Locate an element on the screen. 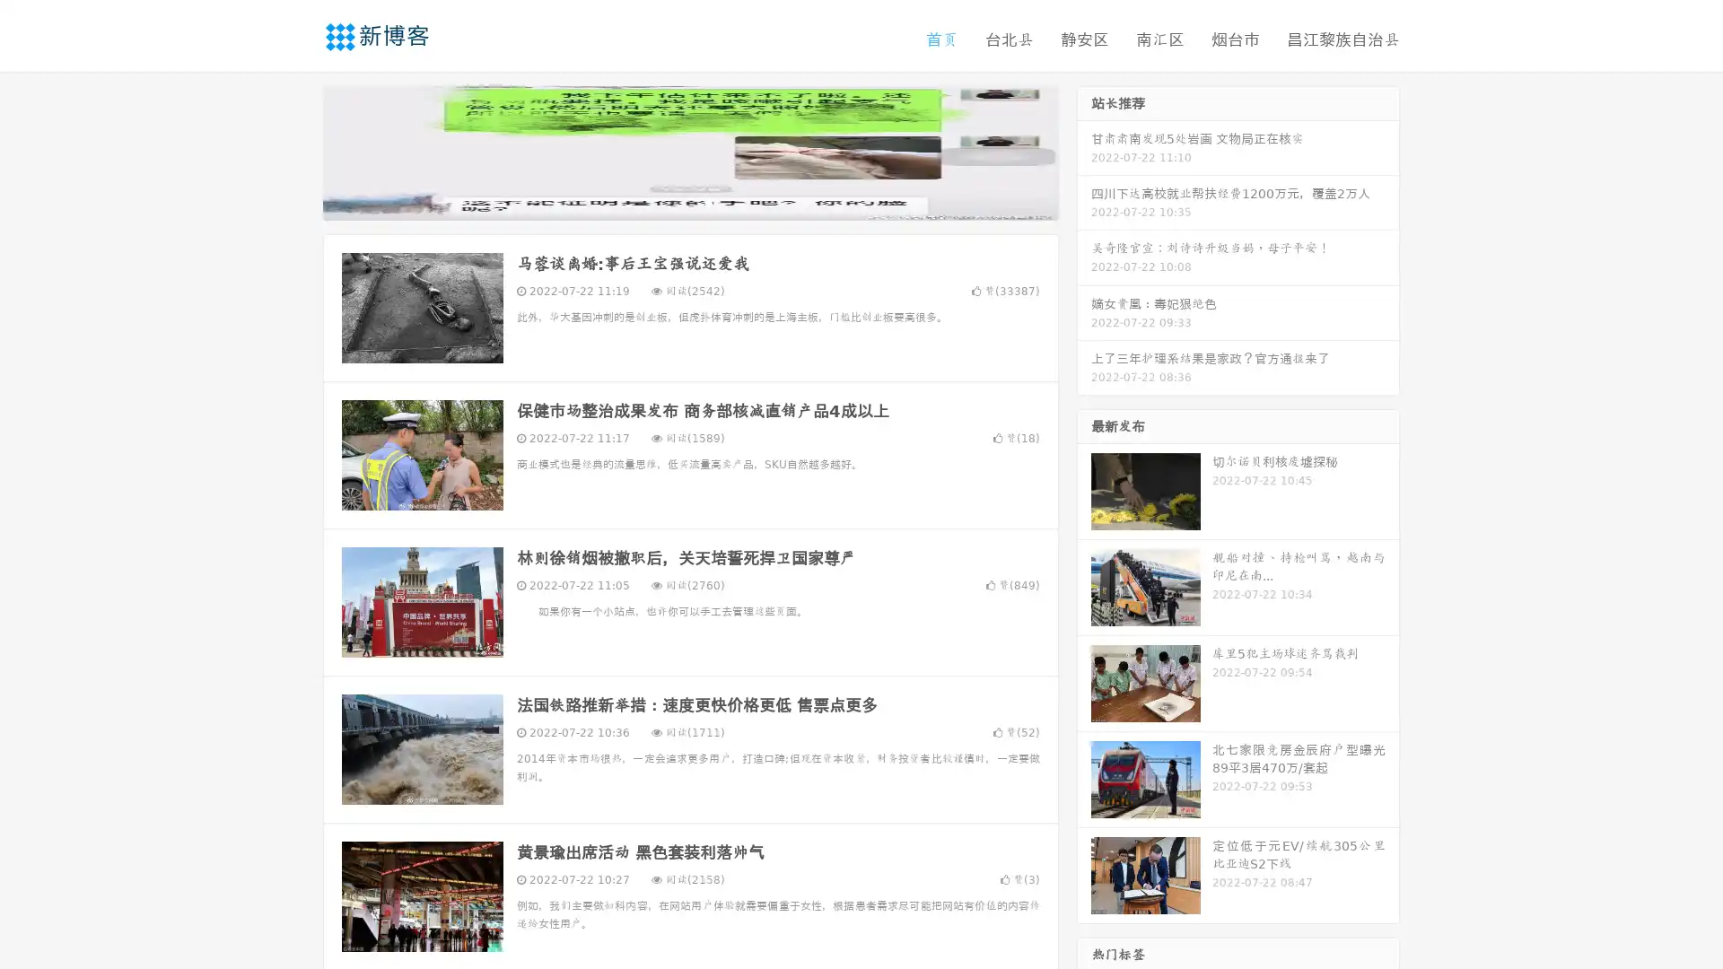 The image size is (1723, 969). Go to slide 2 is located at coordinates (689, 202).